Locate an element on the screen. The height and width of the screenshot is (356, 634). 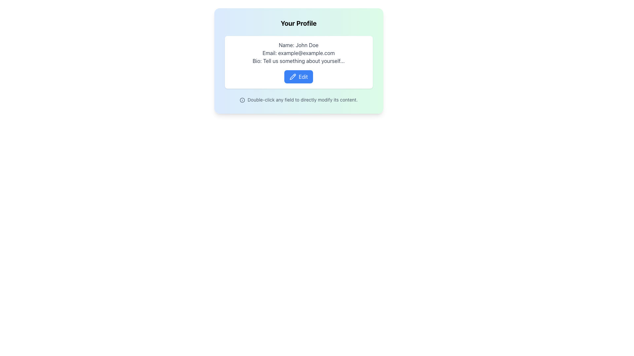
the 'Edit' button with a blue background and white text, located at the bottom center of the user's profile card is located at coordinates (298, 76).